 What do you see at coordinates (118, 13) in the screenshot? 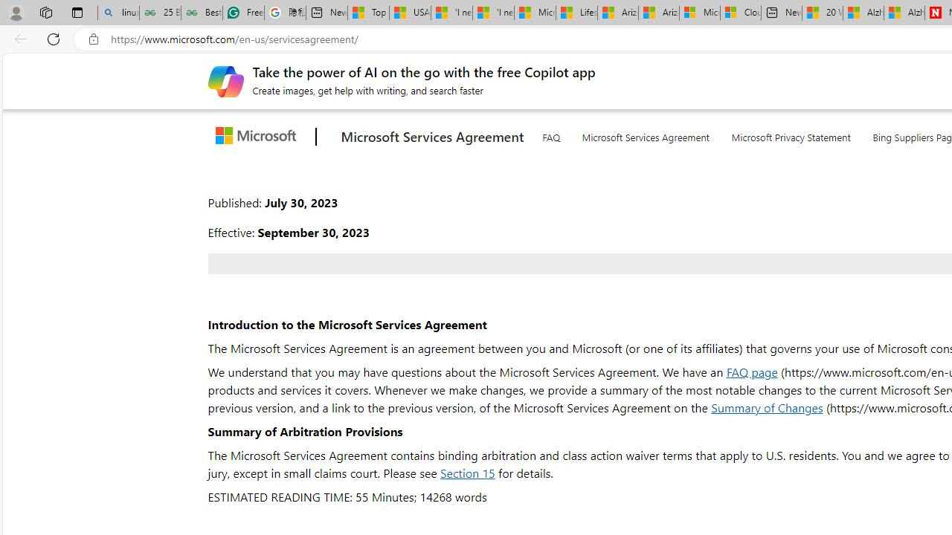
I see `'linux basic - Search'` at bounding box center [118, 13].